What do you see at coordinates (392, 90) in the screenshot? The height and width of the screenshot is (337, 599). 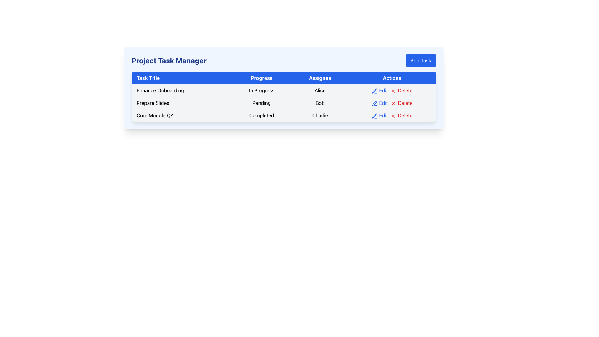 I see `the 'Delete' button in the Interactive element group for the task 'Enhance Onboarding' to confirm task removal` at bounding box center [392, 90].